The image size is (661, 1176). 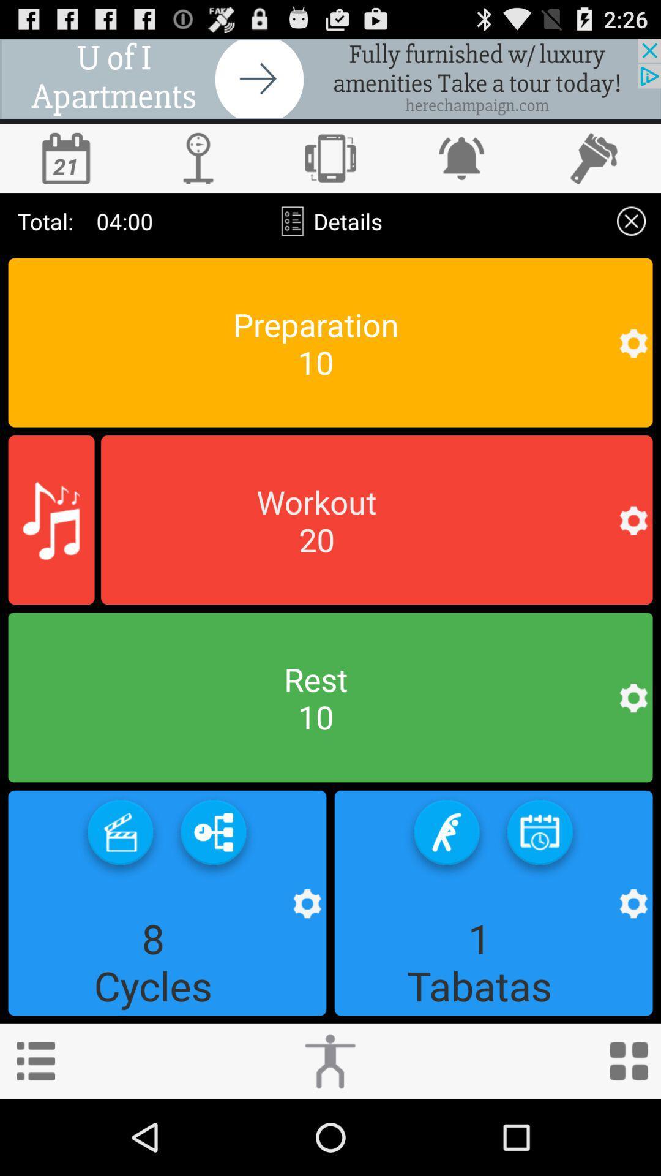 I want to click on close, so click(x=631, y=221).